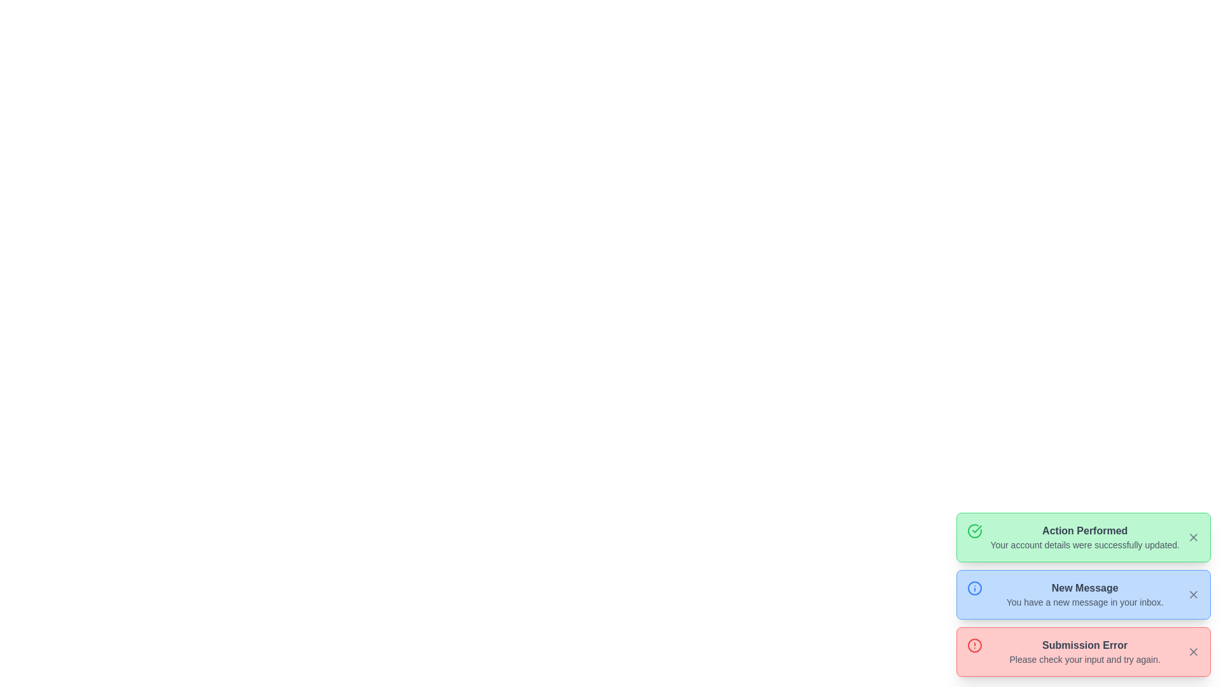 The width and height of the screenshot is (1221, 687). I want to click on circular green icon with a checkmark inside it, located at the top-left of the green notification card labeled 'Action Performed', so click(974, 531).